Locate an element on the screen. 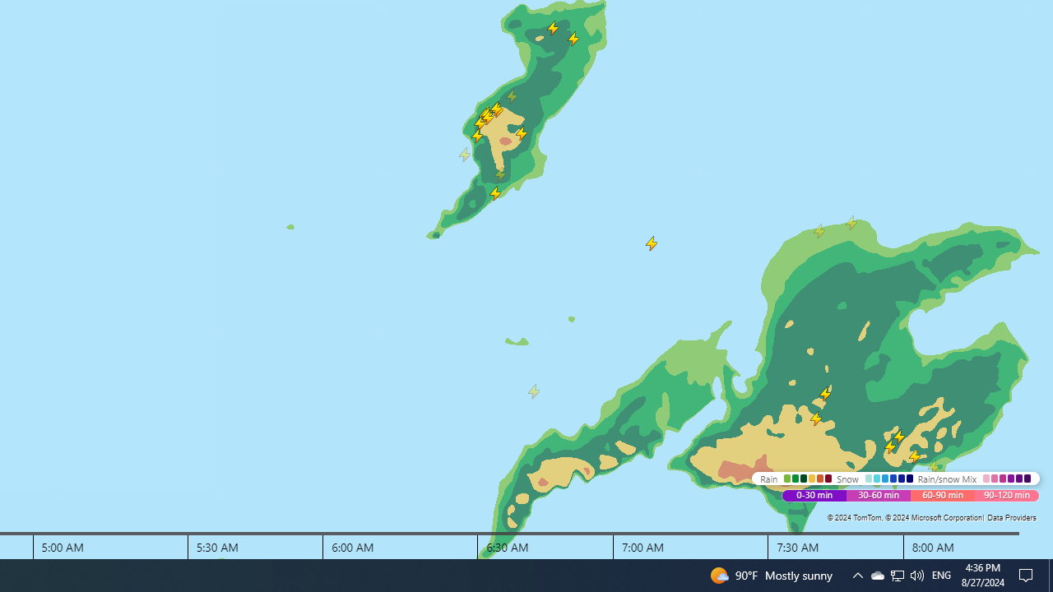  'Tray Input Indicator - English (United States)' is located at coordinates (897, 574).